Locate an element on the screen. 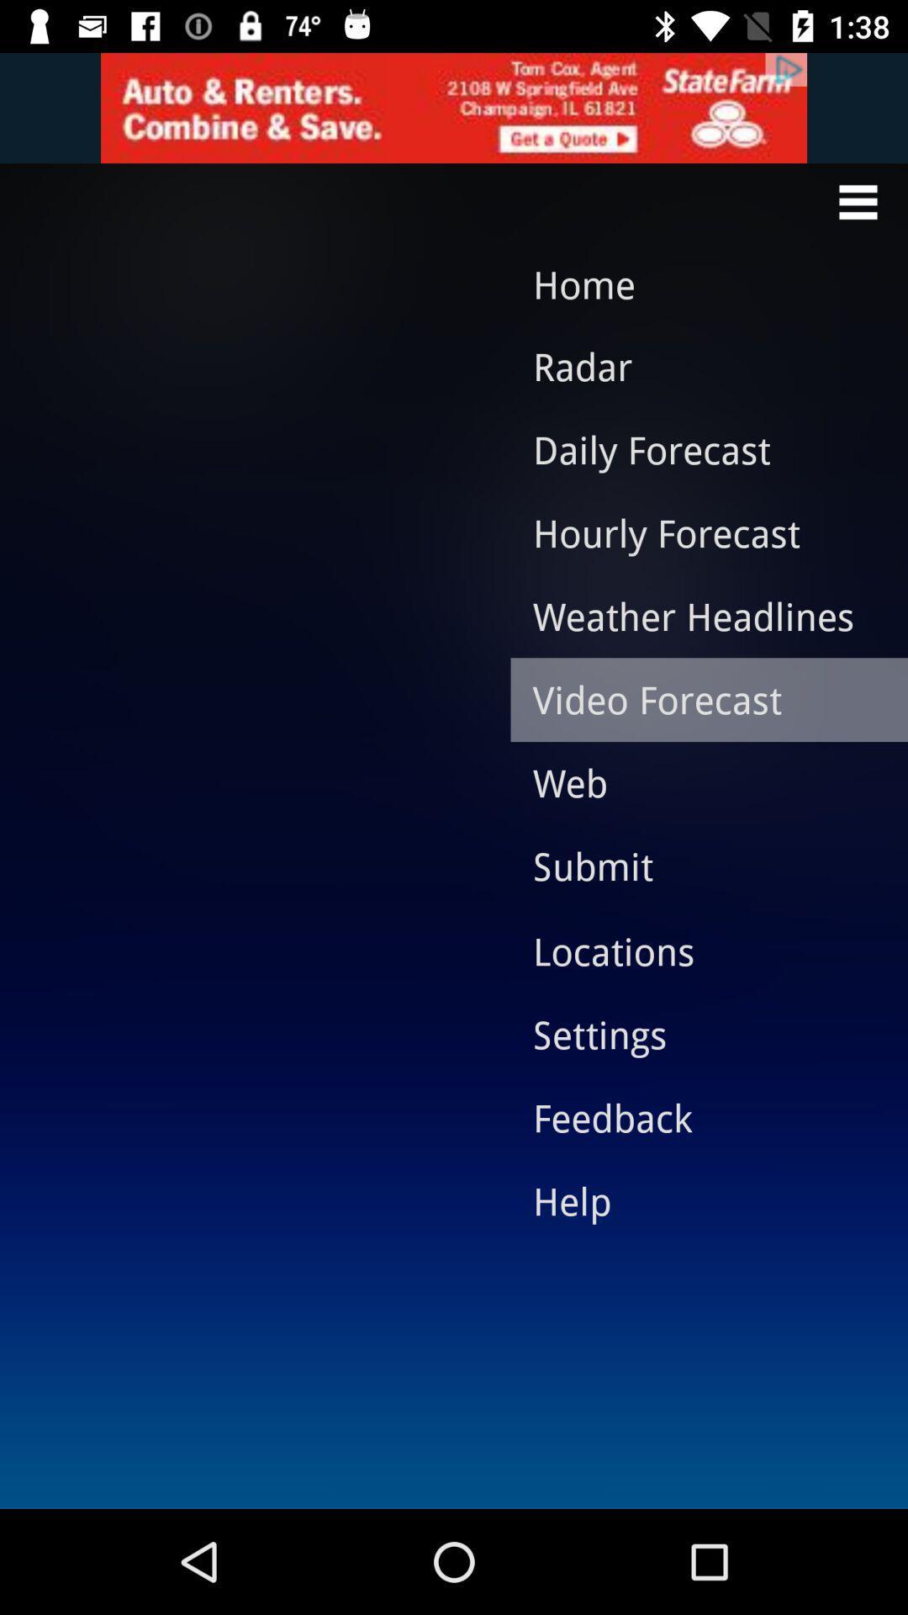 The height and width of the screenshot is (1615, 908). advertisement is located at coordinates (454, 107).